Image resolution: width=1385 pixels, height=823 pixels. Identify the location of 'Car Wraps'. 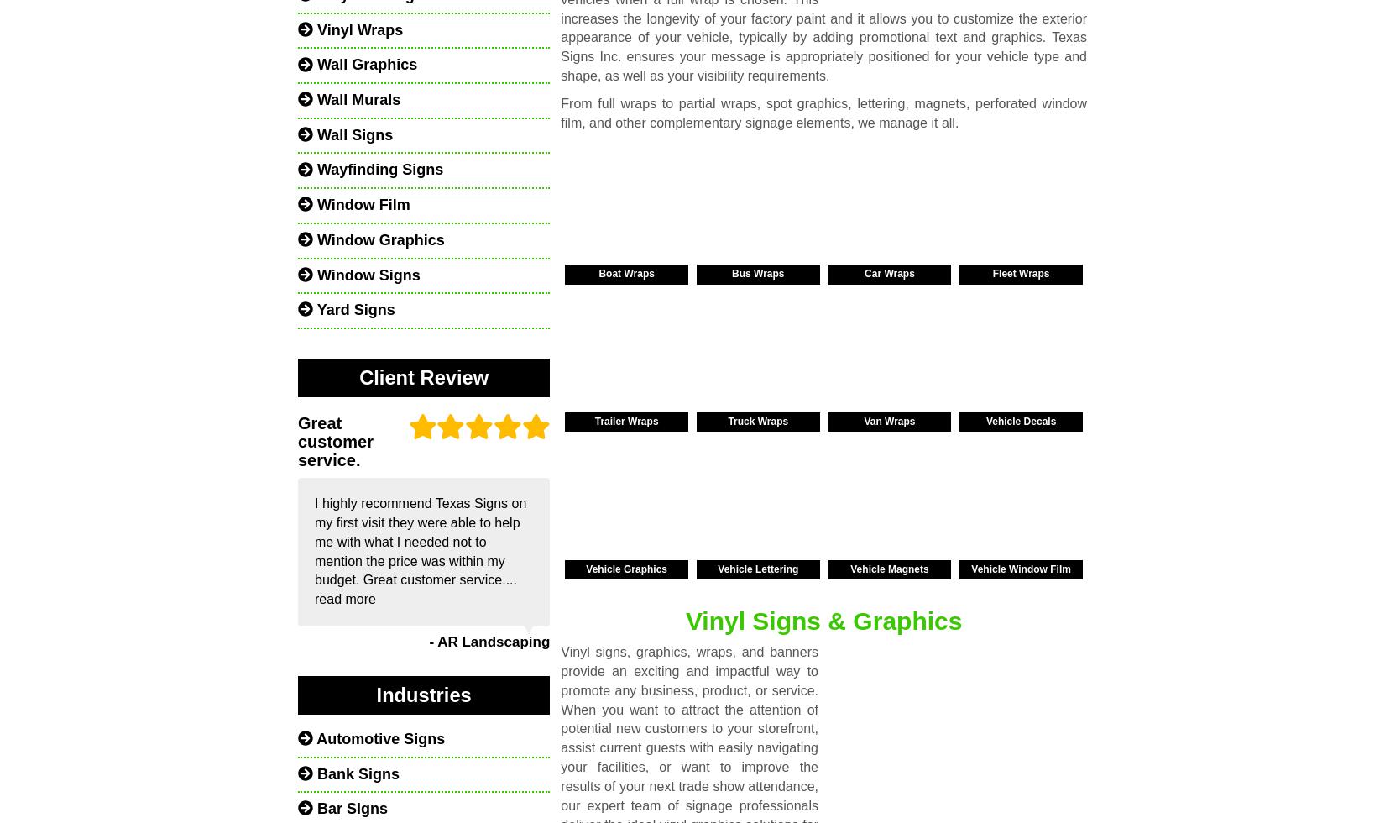
(889, 274).